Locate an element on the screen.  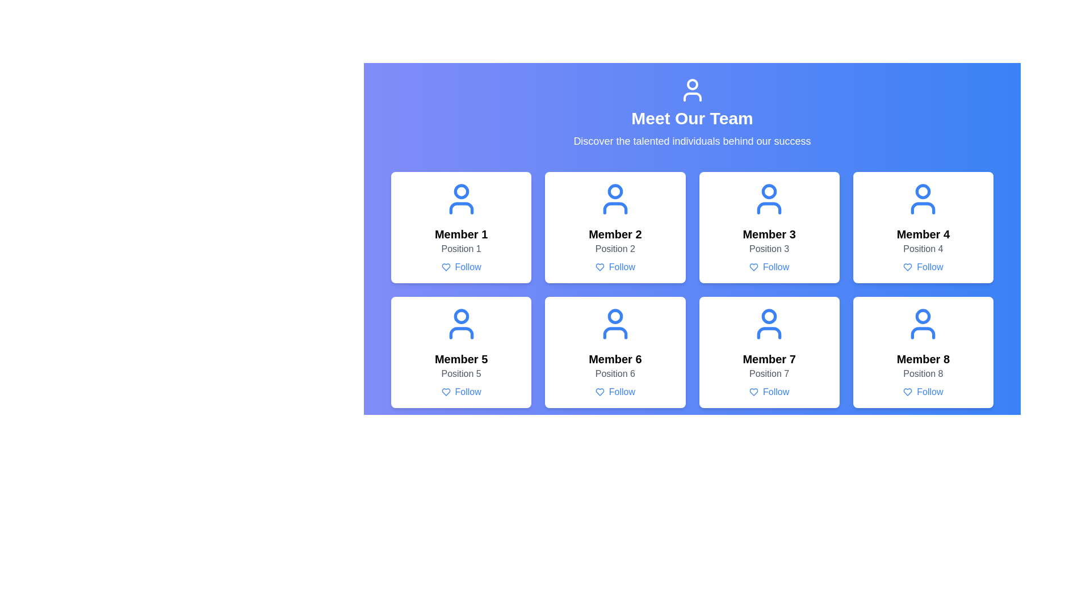
the appearance of the heart icon for the 'Follow' feature located beneath the profile labeled 'Member 2 - Position 2' in the team members grid is located at coordinates (599, 267).